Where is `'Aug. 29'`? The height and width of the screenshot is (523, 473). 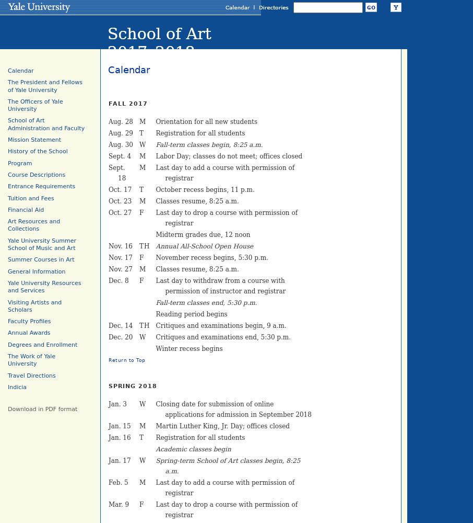 'Aug. 29' is located at coordinates (121, 133).